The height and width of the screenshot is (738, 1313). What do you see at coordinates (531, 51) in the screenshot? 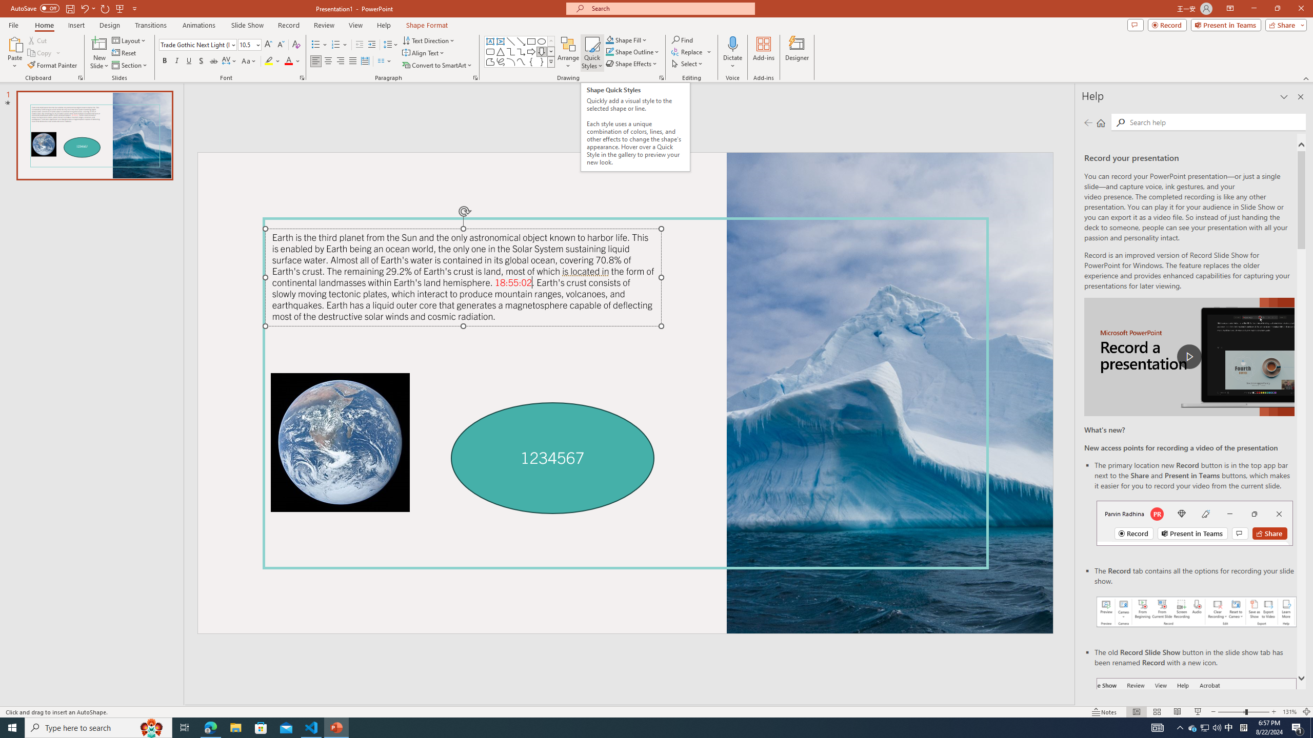
I see `'Arrow: Right'` at bounding box center [531, 51].